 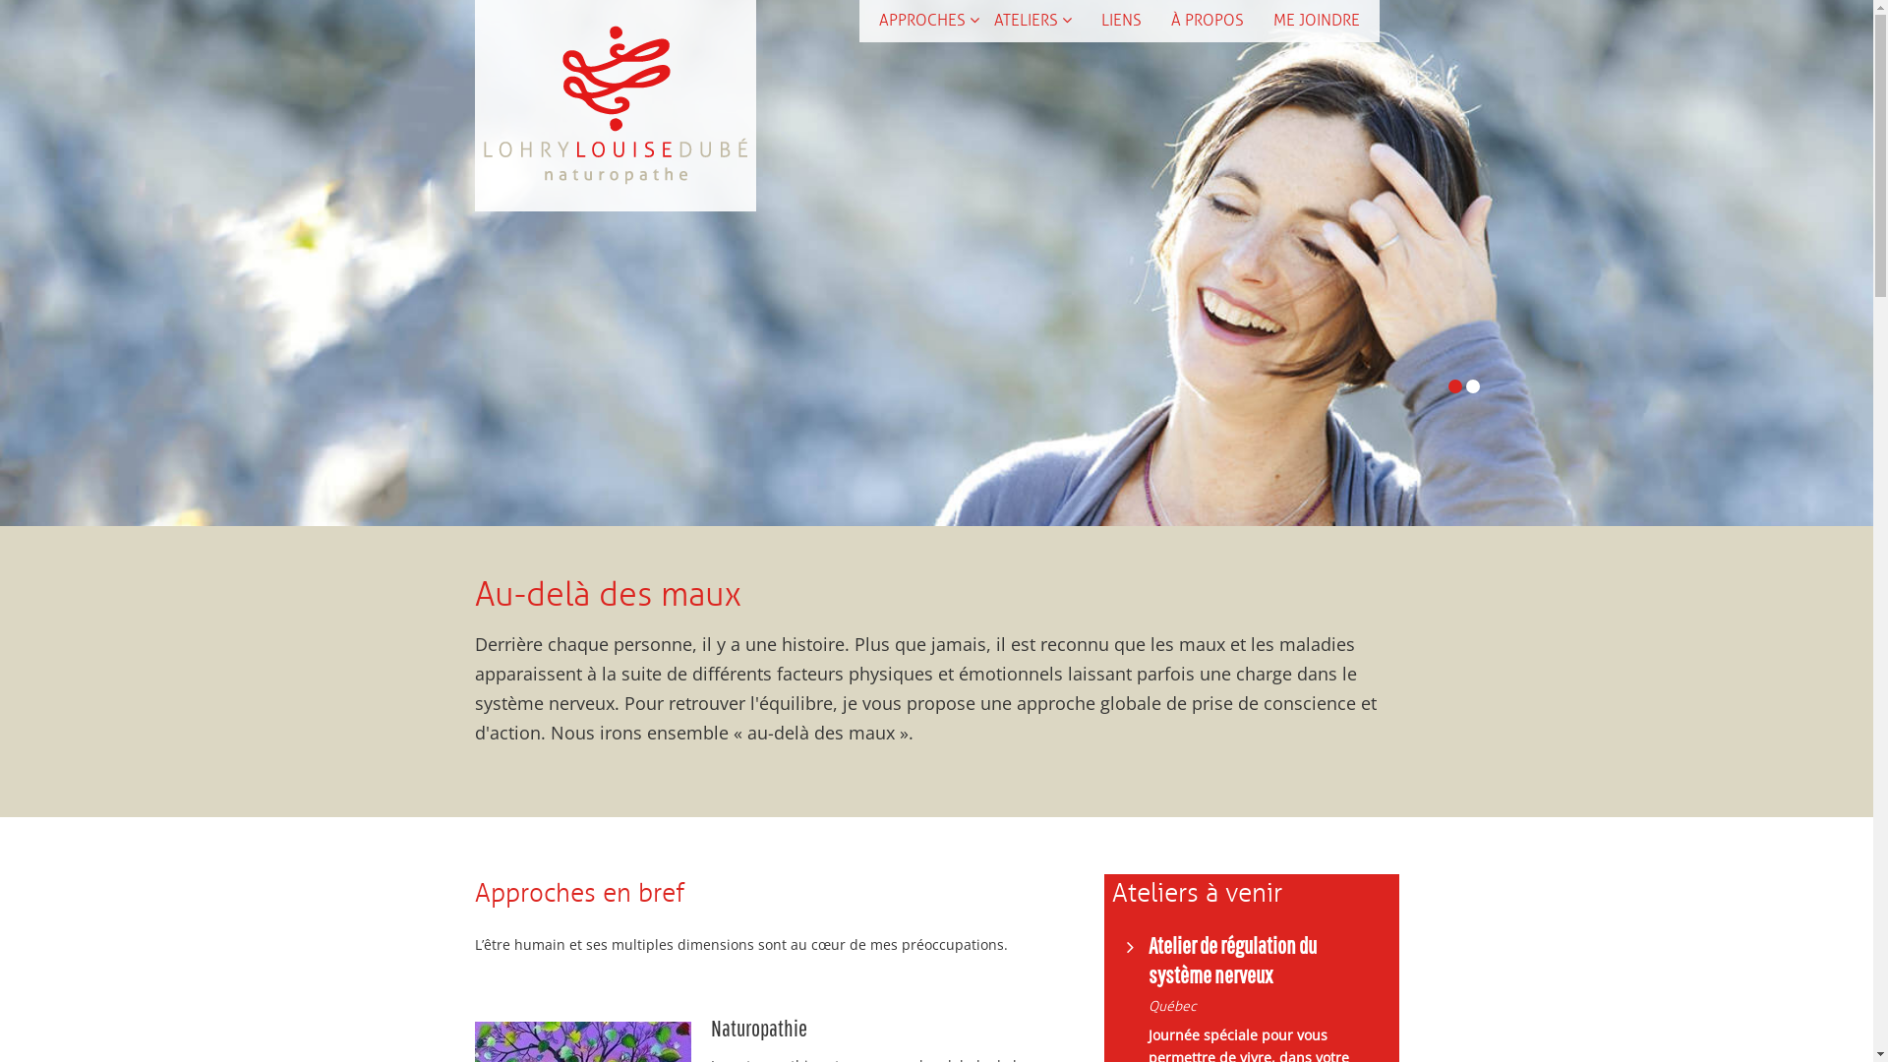 I want to click on 'LIENS', so click(x=1121, y=20).